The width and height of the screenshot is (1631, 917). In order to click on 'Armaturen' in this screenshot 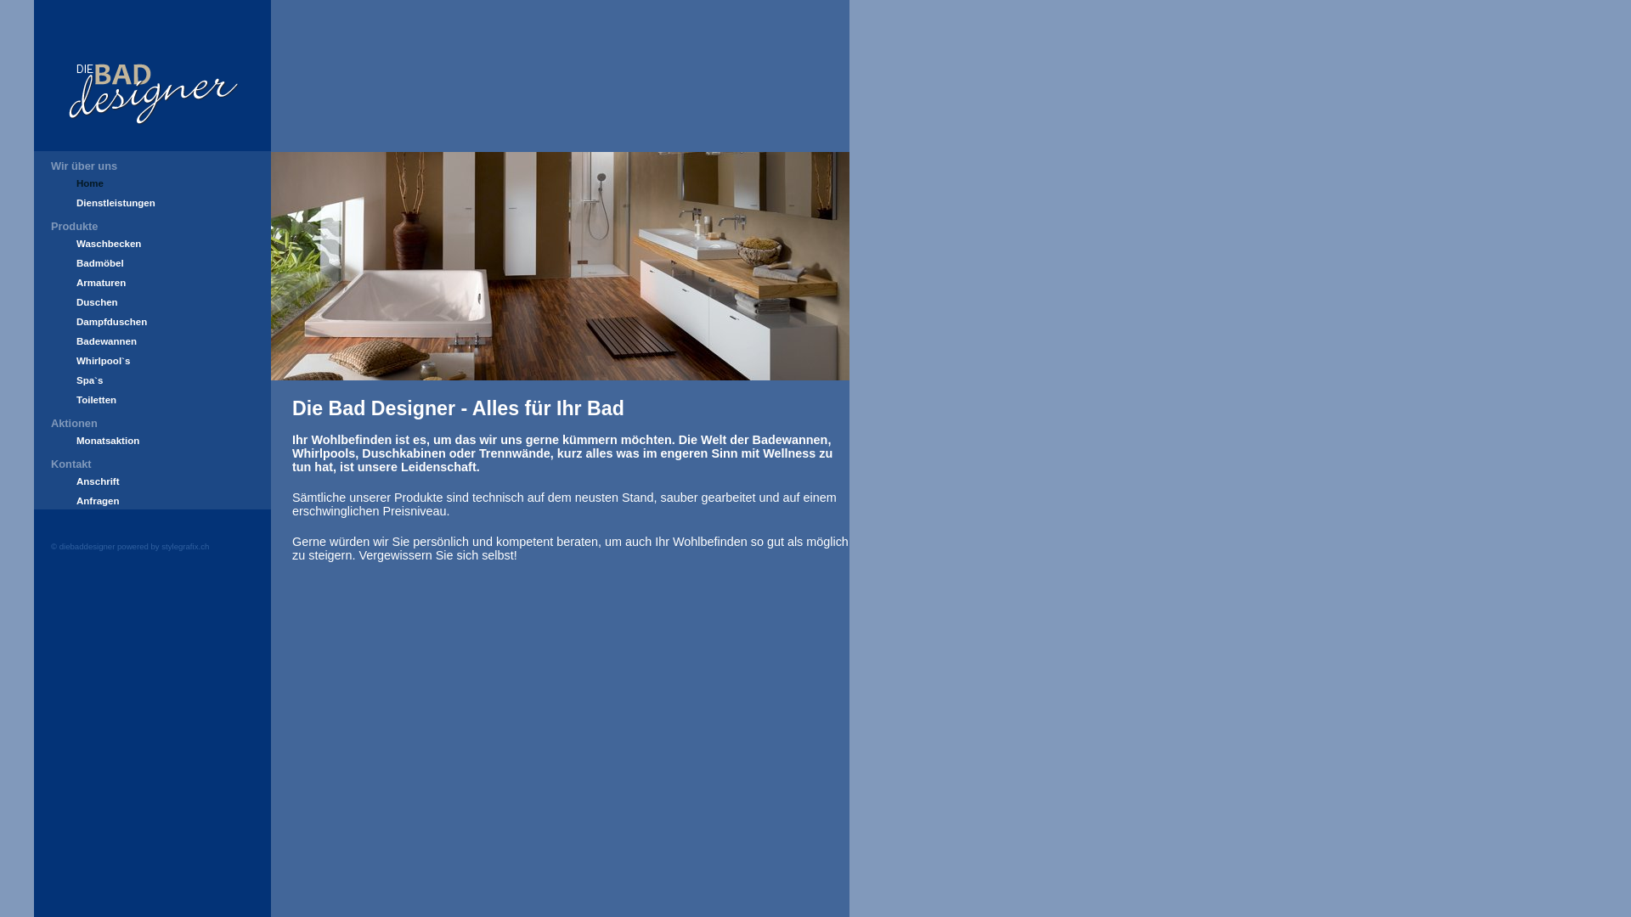, I will do `click(100, 281)`.